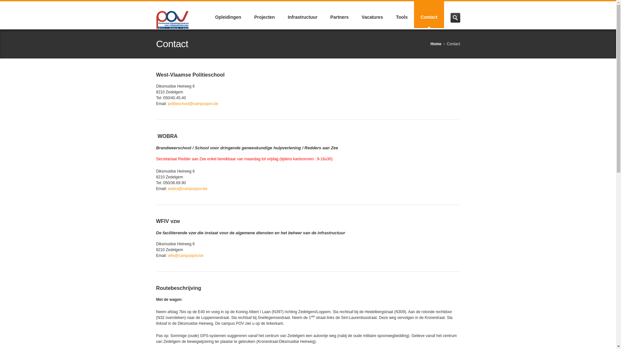 Image resolution: width=621 pixels, height=349 pixels. I want to click on 'Infrastructuur', so click(302, 15).